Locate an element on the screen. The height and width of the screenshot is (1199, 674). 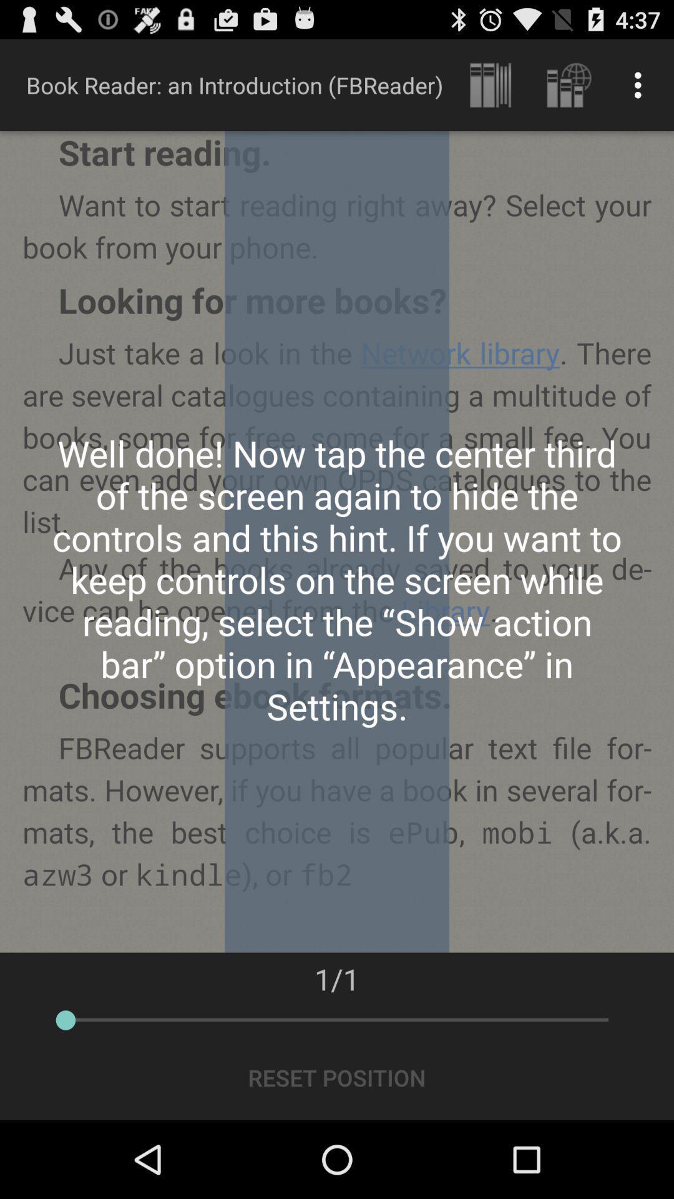
reset position is located at coordinates (337, 1078).